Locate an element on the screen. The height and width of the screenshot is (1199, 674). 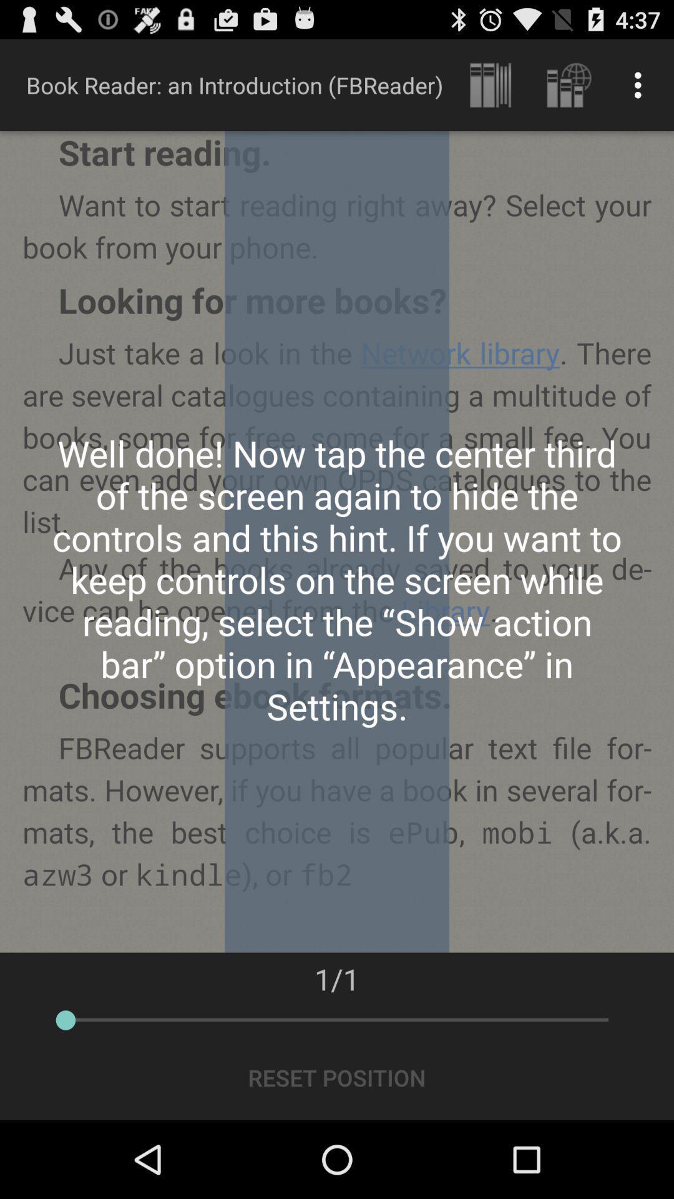
reset position is located at coordinates (337, 1078).